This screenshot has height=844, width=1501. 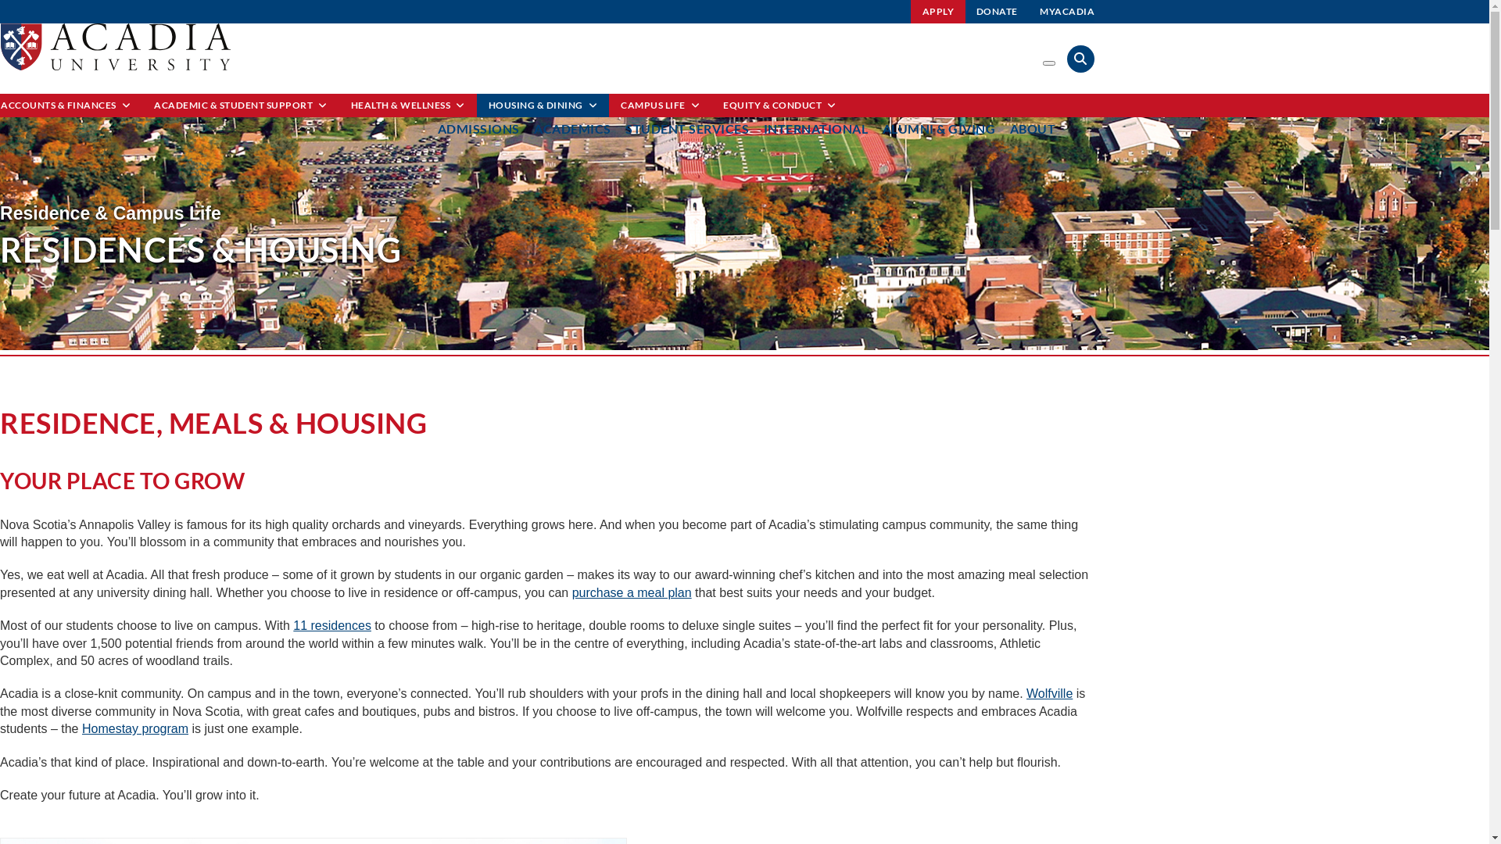 What do you see at coordinates (625, 127) in the screenshot?
I see `'STUDENT SERVICES'` at bounding box center [625, 127].